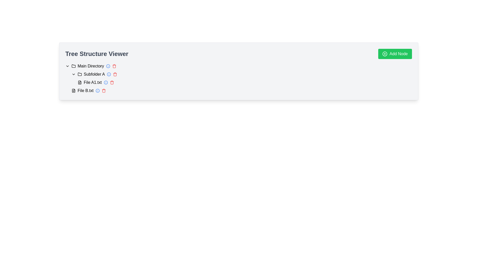  What do you see at coordinates (108, 66) in the screenshot?
I see `the circular information icon with a blue hue and a white inner area featuring a centered 'i' symbol, located at the far right of the 'Main Directory' row` at bounding box center [108, 66].